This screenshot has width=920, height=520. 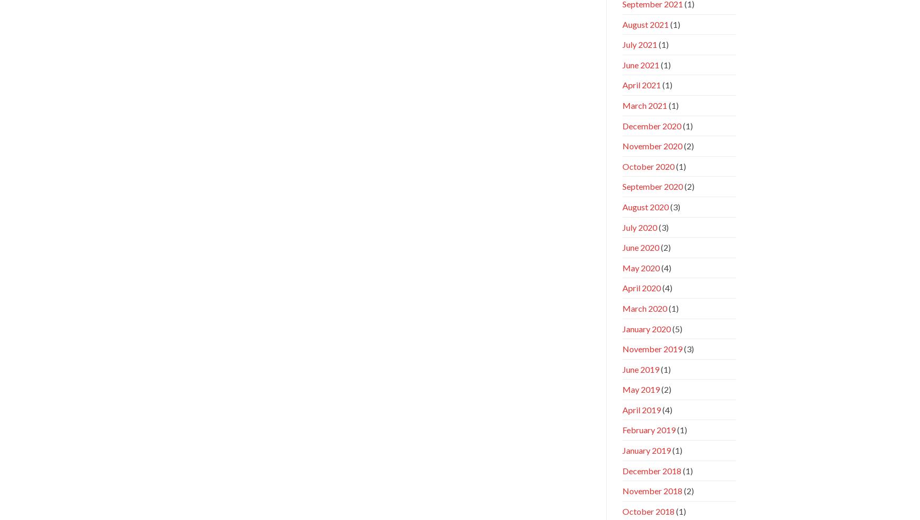 I want to click on 'November 2020', so click(x=621, y=146).